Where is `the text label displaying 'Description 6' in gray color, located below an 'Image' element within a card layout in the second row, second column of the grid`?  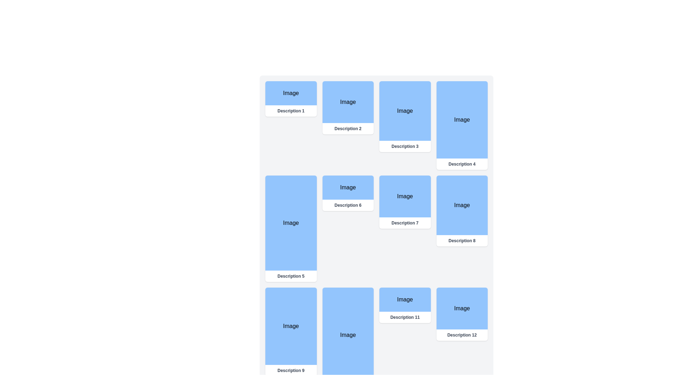
the text label displaying 'Description 6' in gray color, located below an 'Image' element within a card layout in the second row, second column of the grid is located at coordinates (348, 205).